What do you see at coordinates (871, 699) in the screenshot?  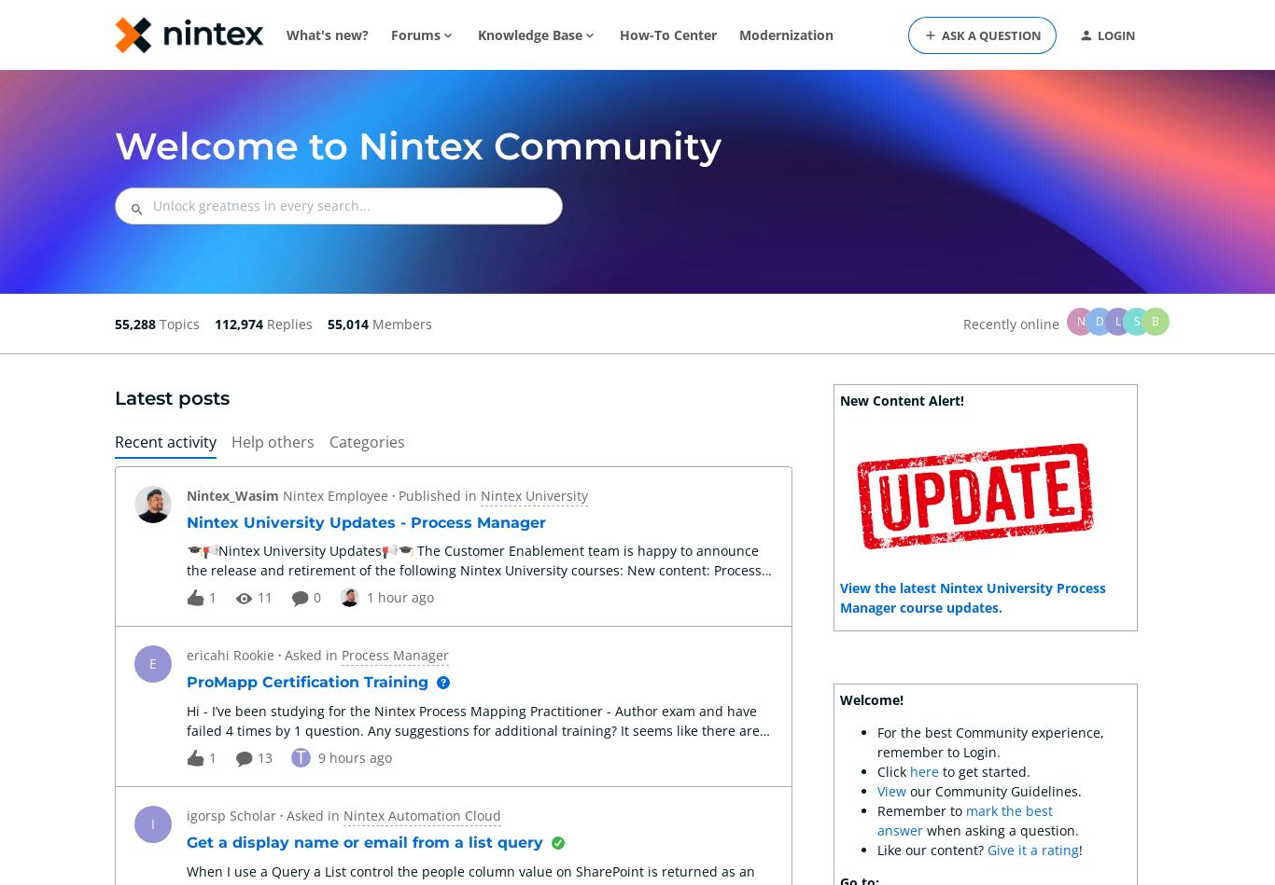 I see `'Welcome!'` at bounding box center [871, 699].